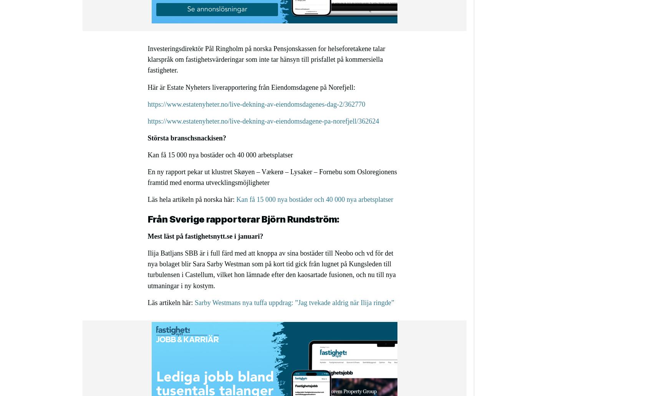  Describe the element at coordinates (293, 302) in the screenshot. I see `'Sarby Westmans nya tuffa uppdrag: ”Jag tvekade aldrig när Ilija ringde”'` at that location.